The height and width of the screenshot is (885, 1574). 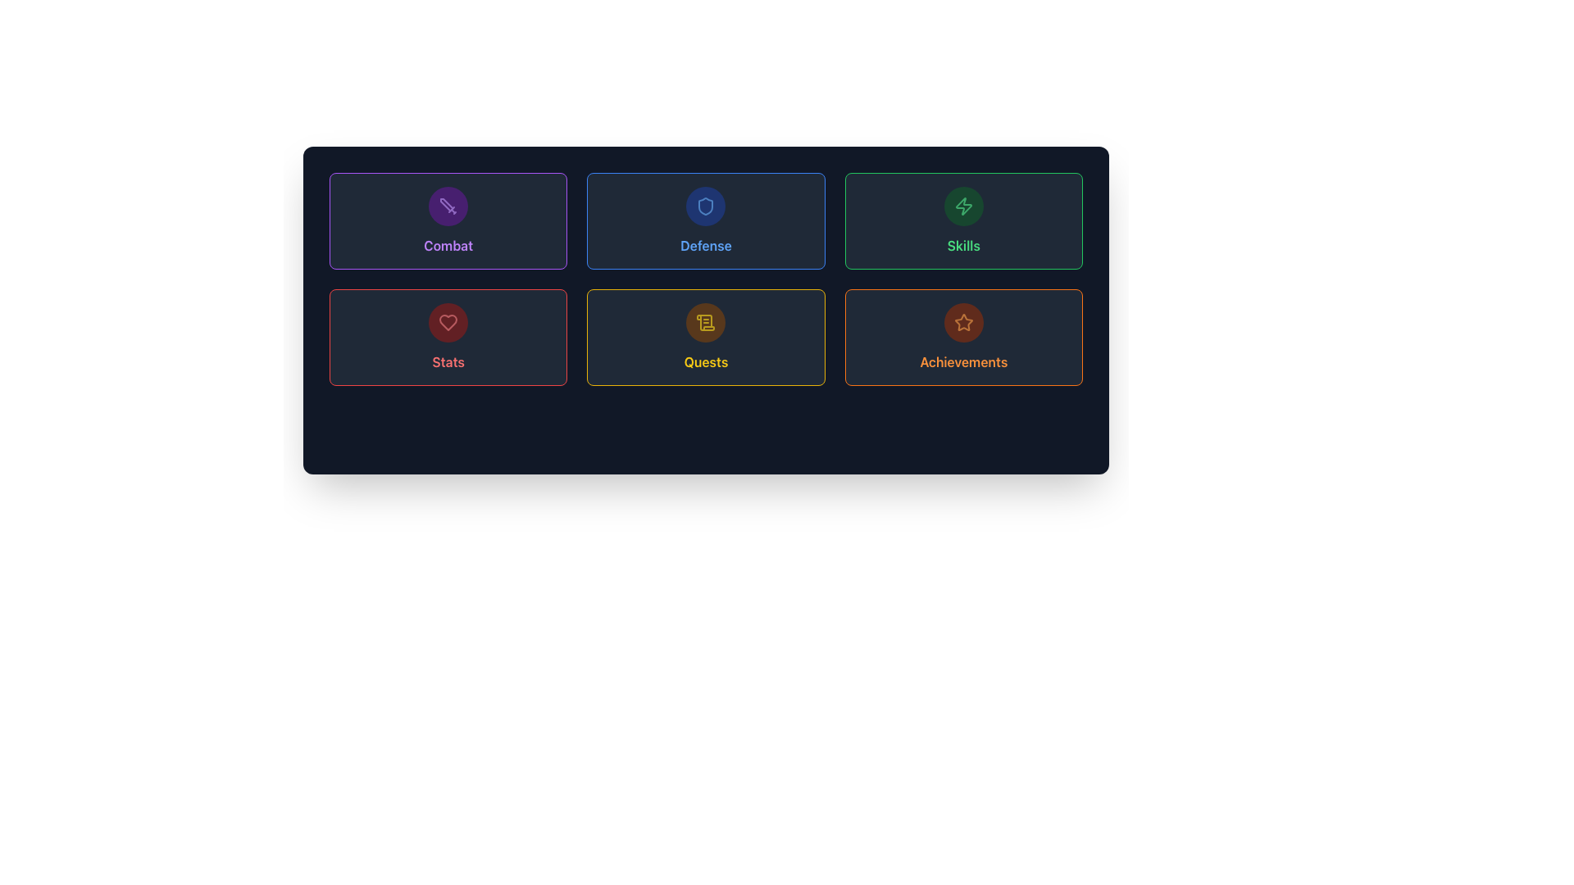 I want to click on the 'Skills' interactive card/button located in the top row of the grid layout, positioned to the right of the 'Defense' component, so click(x=963, y=221).